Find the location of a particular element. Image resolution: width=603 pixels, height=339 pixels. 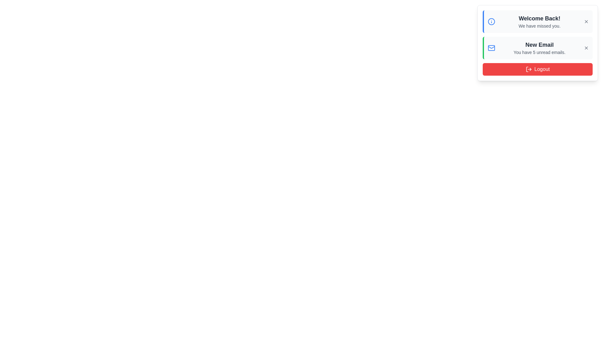

the close button located at the top-right corner of the 'New Email' notification card is located at coordinates (586, 48).